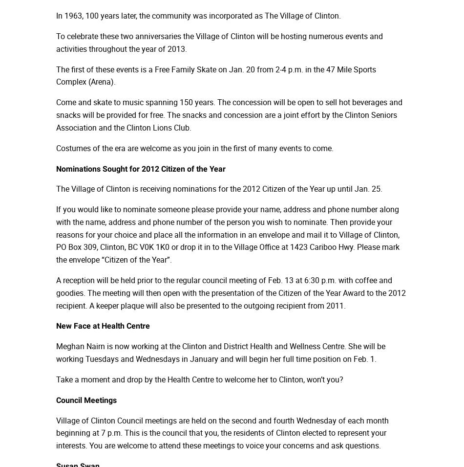  Describe the element at coordinates (215, 75) in the screenshot. I see `'The first of these events is a Free Family Skate on Jan. 20 from 2-4 p.m. in the 47 Mile Sports Complex (Arena).'` at that location.